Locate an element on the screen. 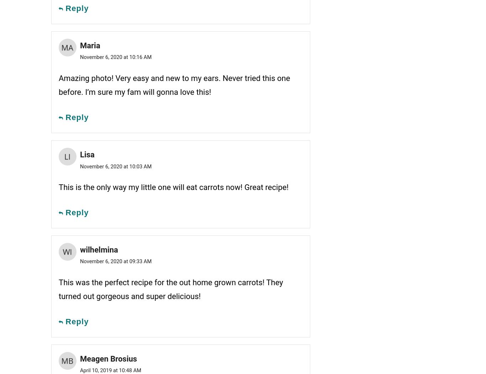  'wilhelmina' is located at coordinates (99, 249).